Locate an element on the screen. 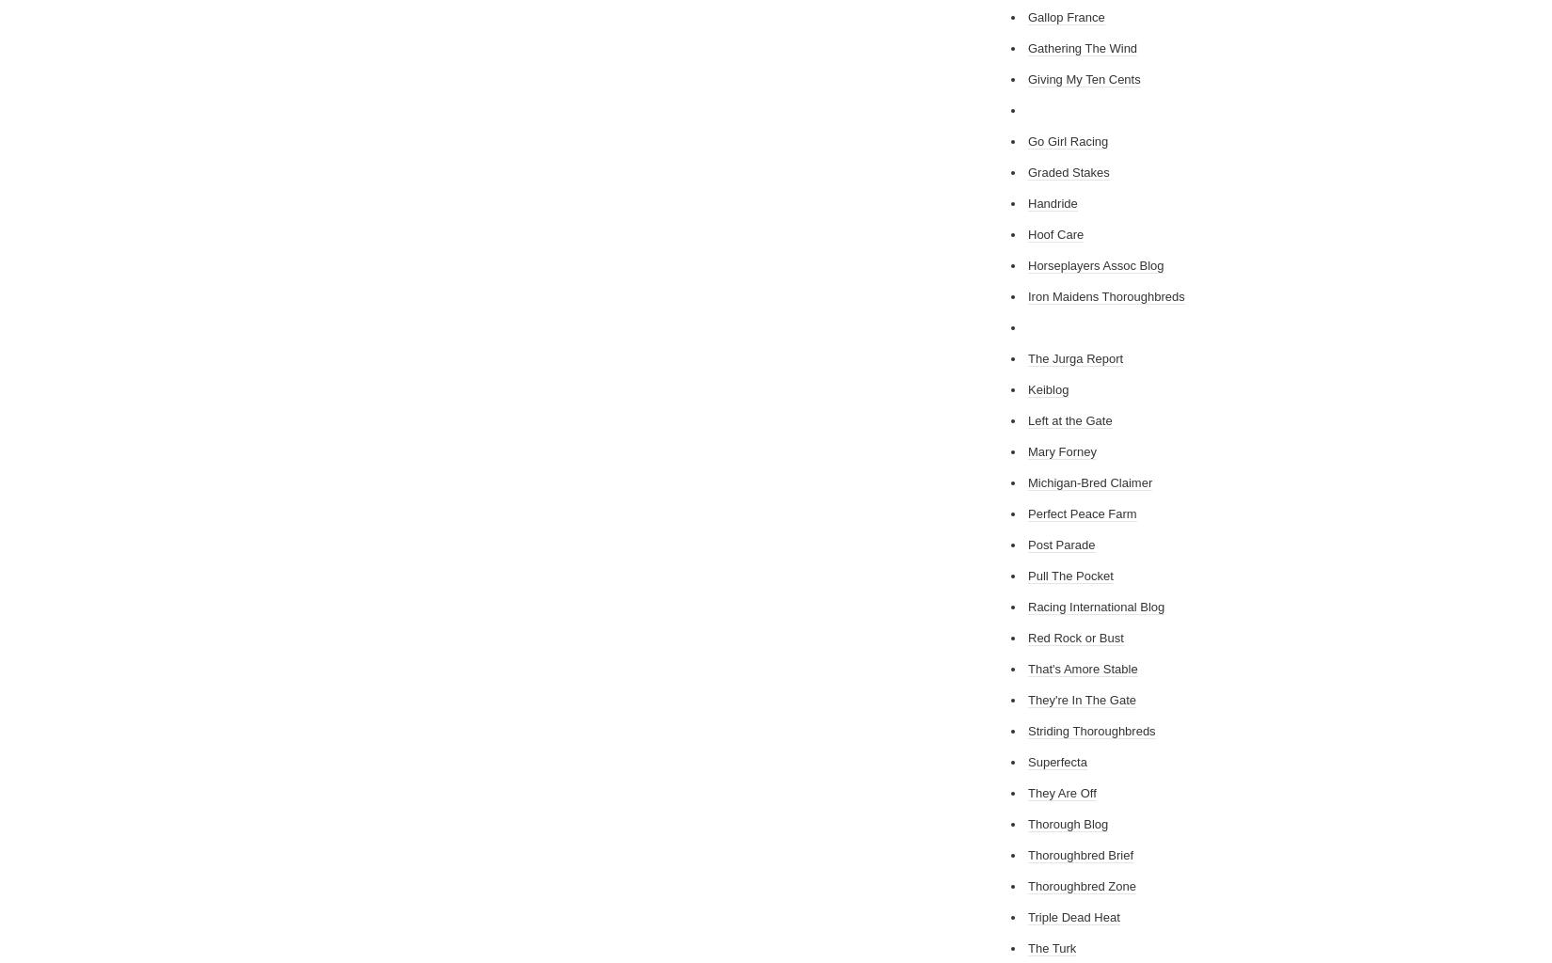  'Keiblog' is located at coordinates (1048, 388).